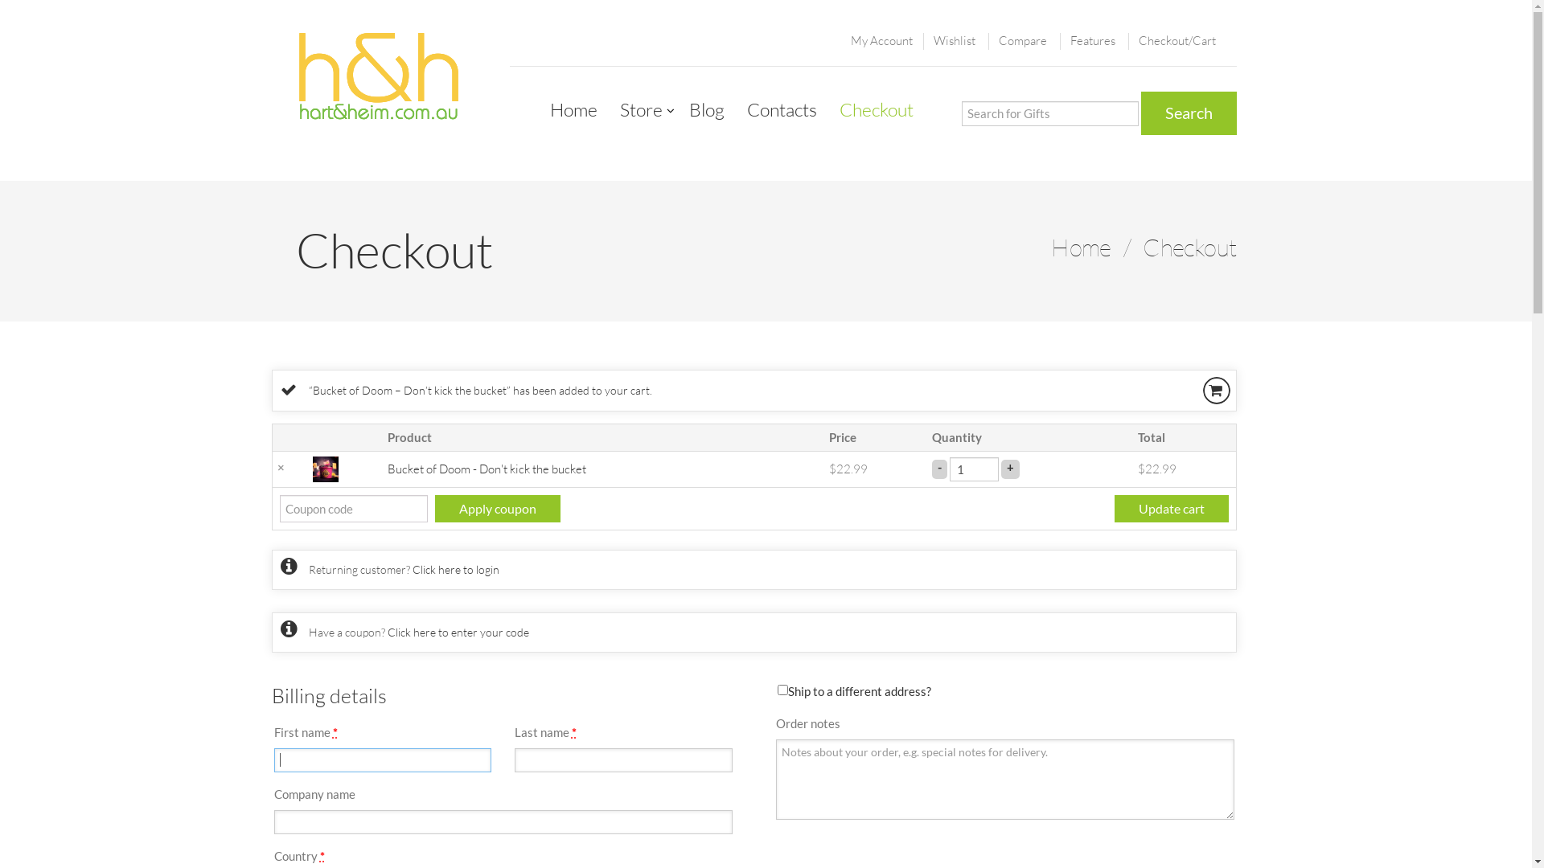 Image resolution: width=1544 pixels, height=868 pixels. Describe the element at coordinates (881, 39) in the screenshot. I see `'My Account'` at that location.